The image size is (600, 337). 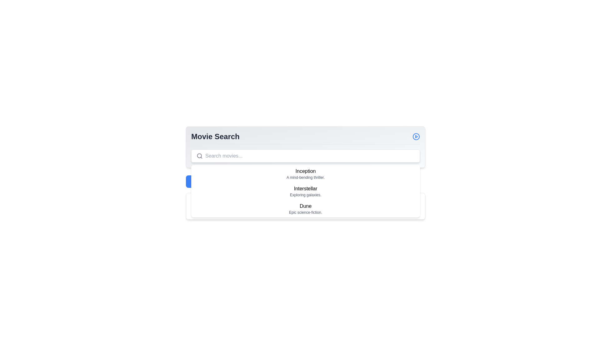 What do you see at coordinates (306, 191) in the screenshot?
I see `the second entry` at bounding box center [306, 191].